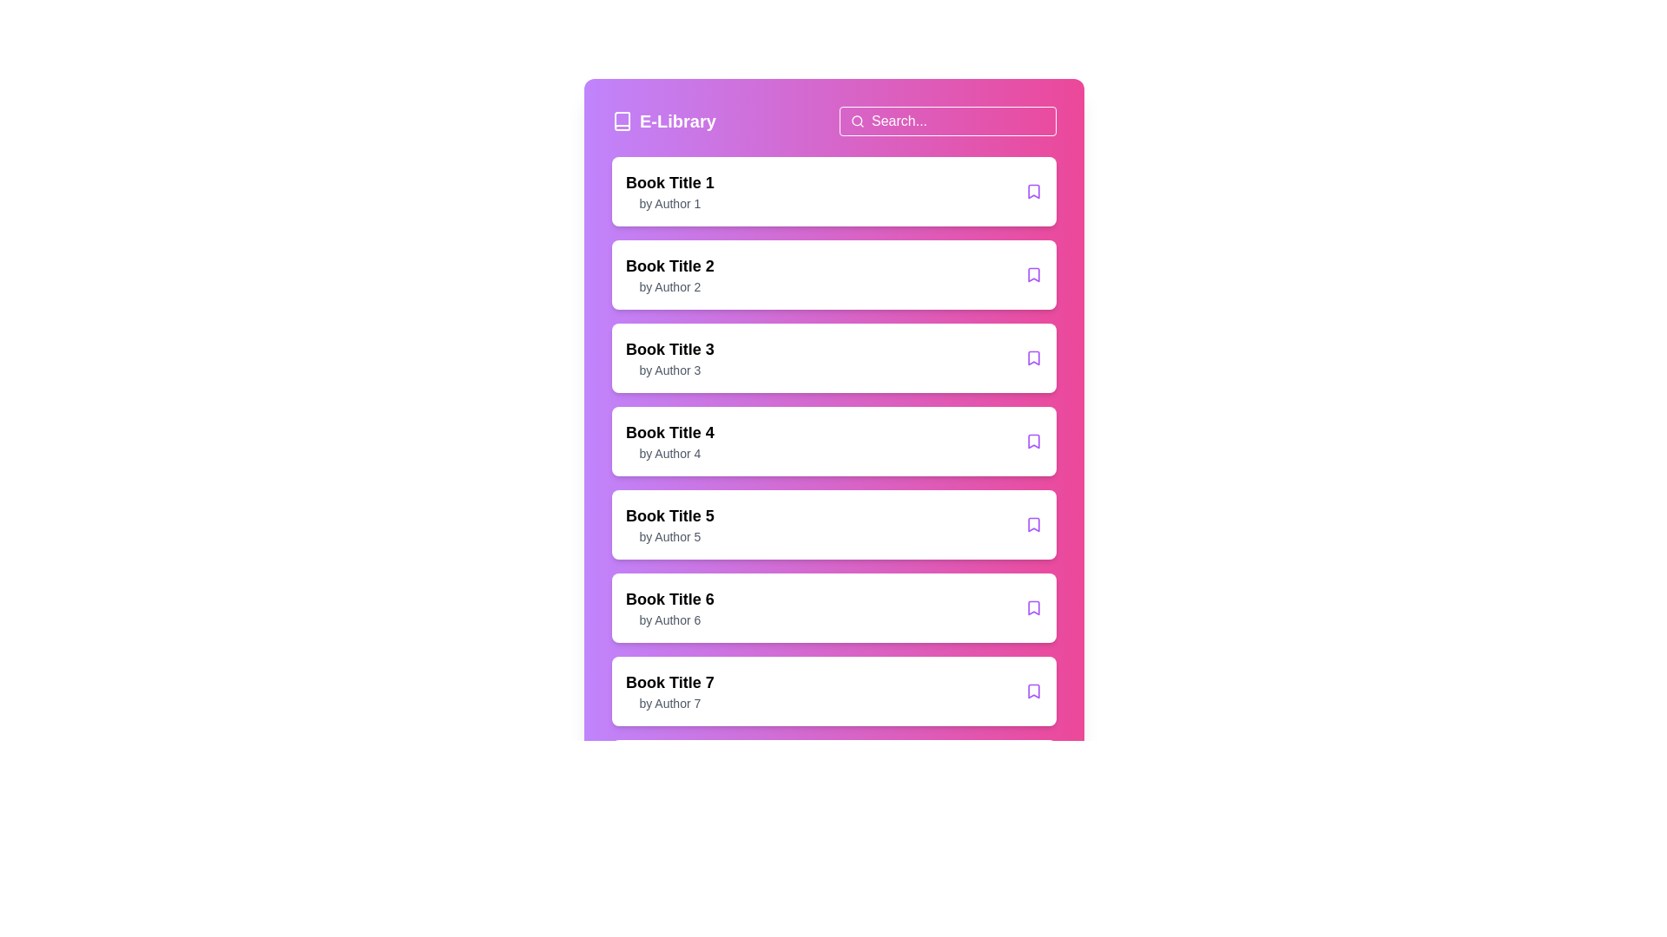  I want to click on the card representing a book in the list interface, so click(833, 524).